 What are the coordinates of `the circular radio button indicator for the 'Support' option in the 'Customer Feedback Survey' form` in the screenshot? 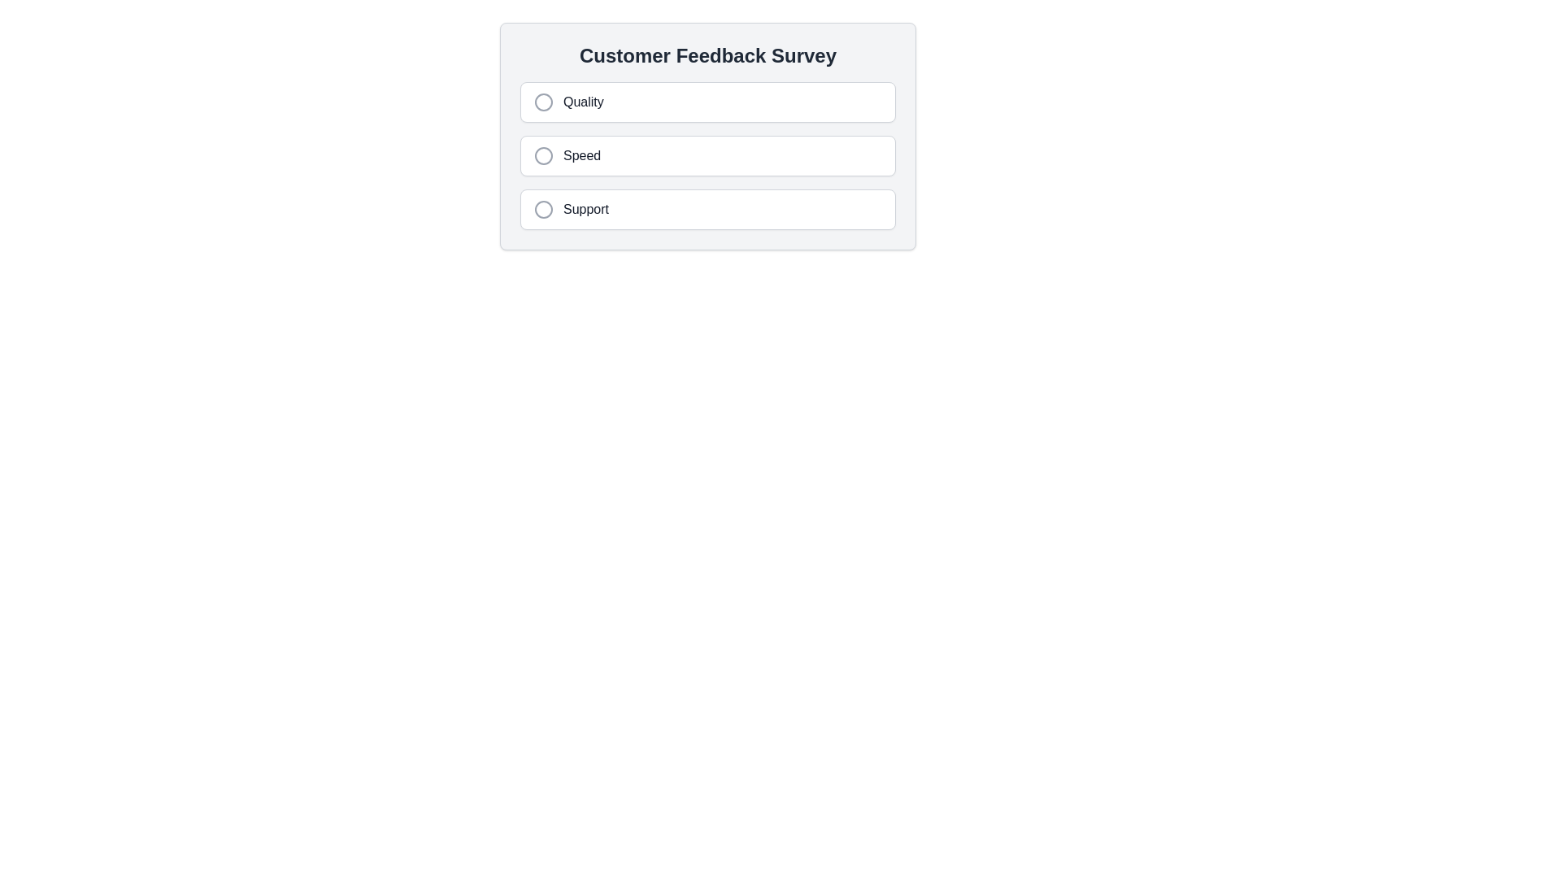 It's located at (543, 209).